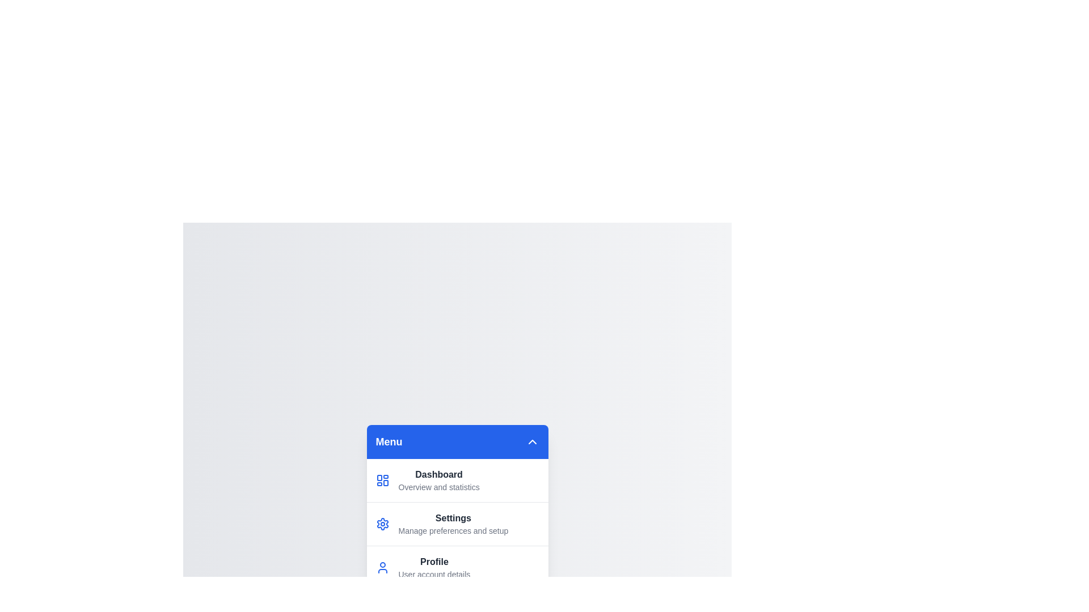 The image size is (1089, 612). Describe the element at coordinates (382, 480) in the screenshot. I see `the icon corresponding to the menu item 'Dashboard'` at that location.